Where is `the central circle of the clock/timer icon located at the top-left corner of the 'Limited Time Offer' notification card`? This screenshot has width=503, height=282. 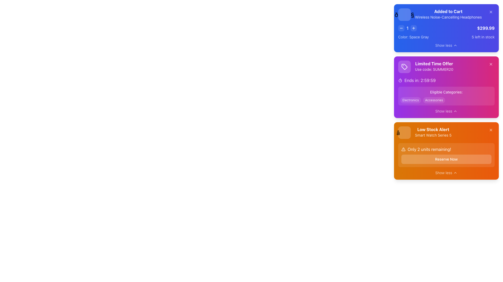 the central circle of the clock/timer icon located at the top-left corner of the 'Limited Time Offer' notification card is located at coordinates (400, 80).